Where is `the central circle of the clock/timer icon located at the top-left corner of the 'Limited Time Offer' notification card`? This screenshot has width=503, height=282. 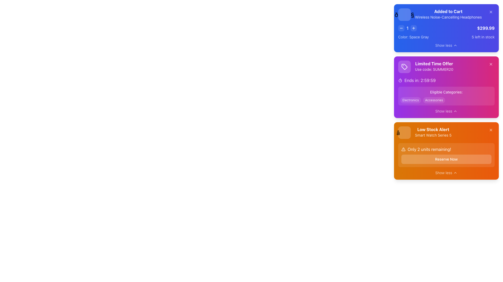 the central circle of the clock/timer icon located at the top-left corner of the 'Limited Time Offer' notification card is located at coordinates (400, 80).